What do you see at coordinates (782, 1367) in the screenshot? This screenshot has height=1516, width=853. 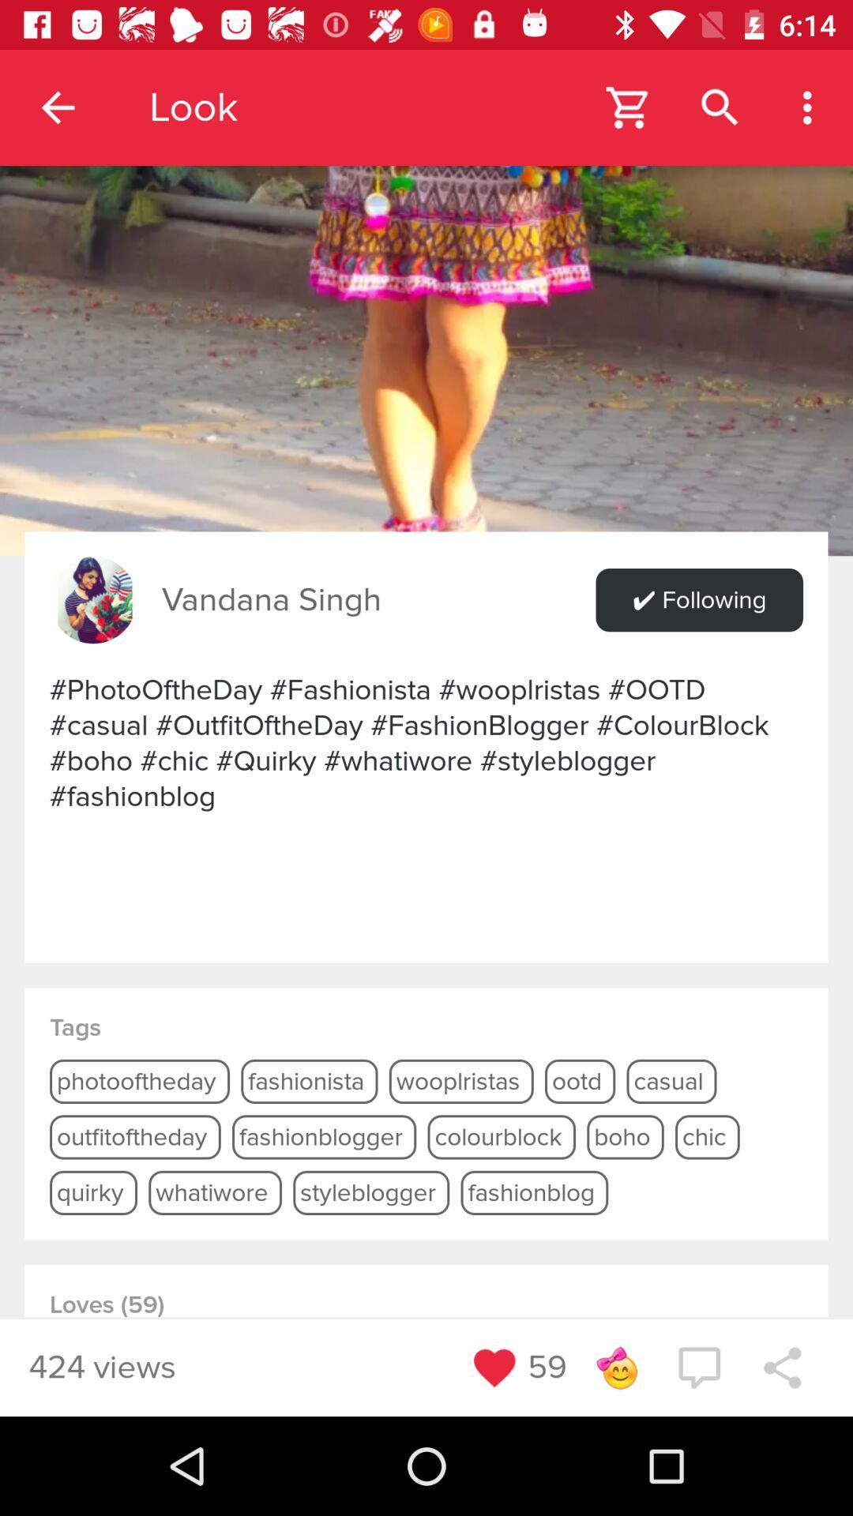 I see `share button to share with friends or on social media` at bounding box center [782, 1367].